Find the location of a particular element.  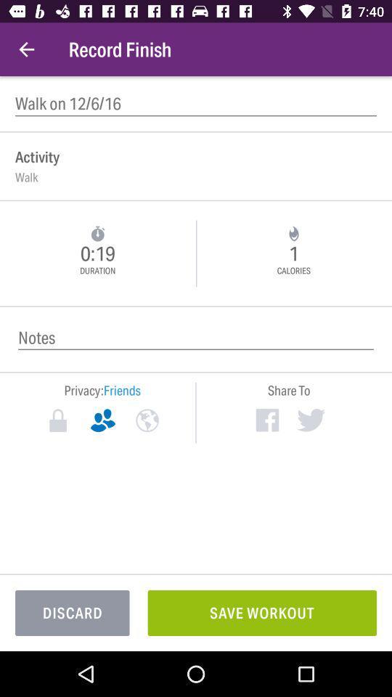

privacy settings is located at coordinates (57, 420).